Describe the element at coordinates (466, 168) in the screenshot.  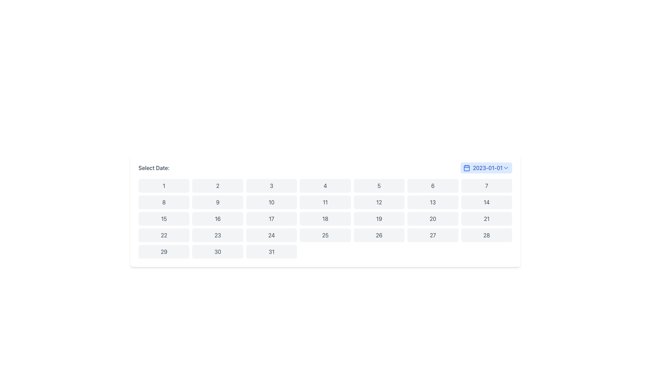
I see `the calendar icon with a blue outline and rounded corners, located on the right-hand side of the date display and dropdown arrow` at that location.